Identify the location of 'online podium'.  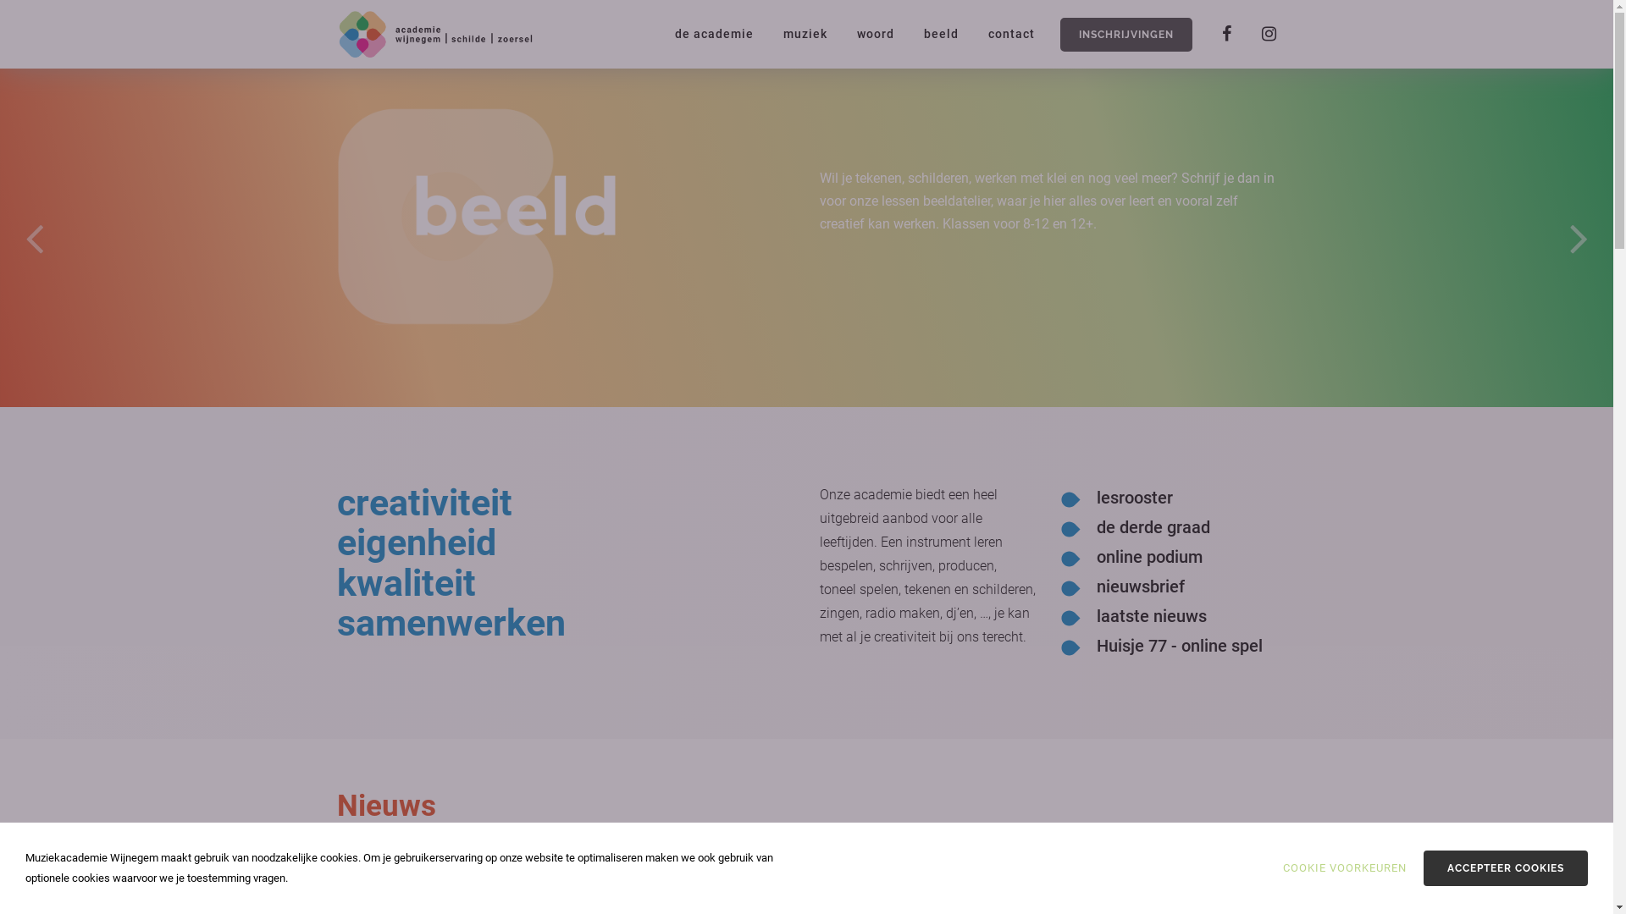
(1148, 557).